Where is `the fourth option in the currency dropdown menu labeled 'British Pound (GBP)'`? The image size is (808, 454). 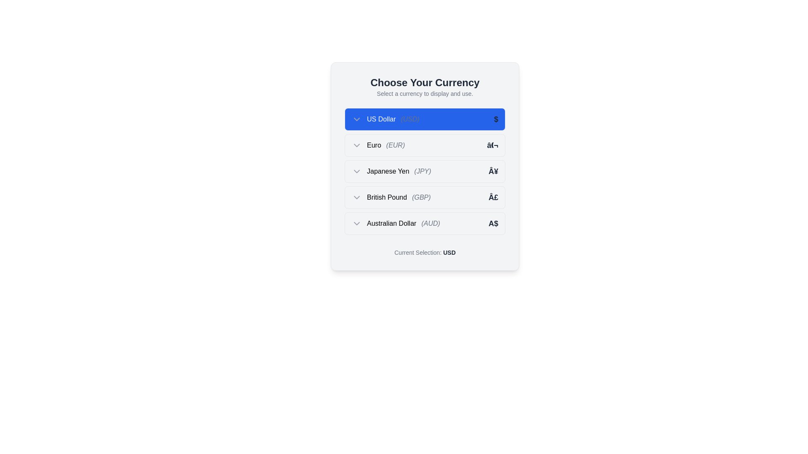 the fourth option in the currency dropdown menu labeled 'British Pound (GBP)' is located at coordinates (425, 198).